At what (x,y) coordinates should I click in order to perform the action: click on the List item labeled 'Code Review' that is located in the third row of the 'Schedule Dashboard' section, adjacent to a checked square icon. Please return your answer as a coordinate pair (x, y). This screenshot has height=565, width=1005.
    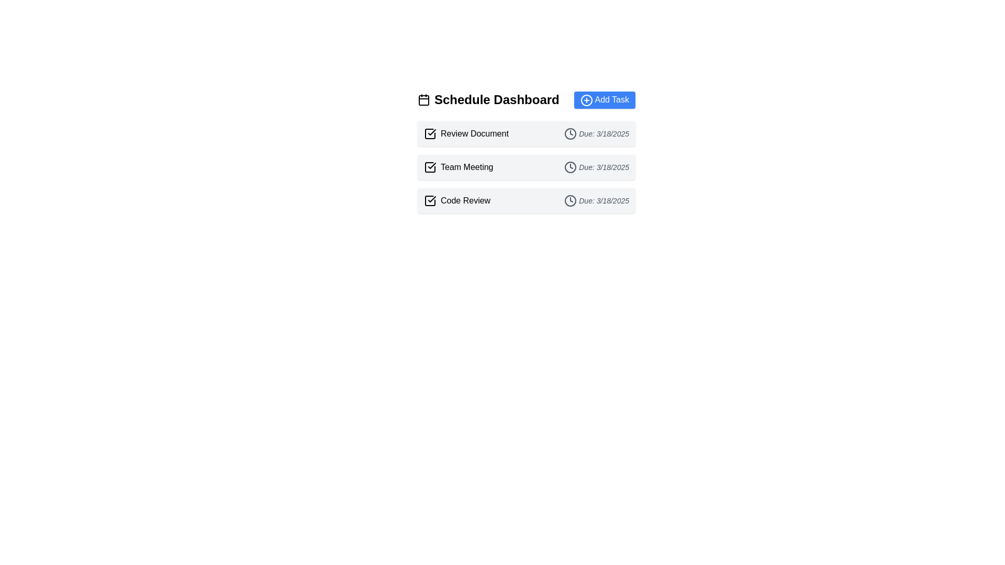
    Looking at the image, I should click on (457, 200).